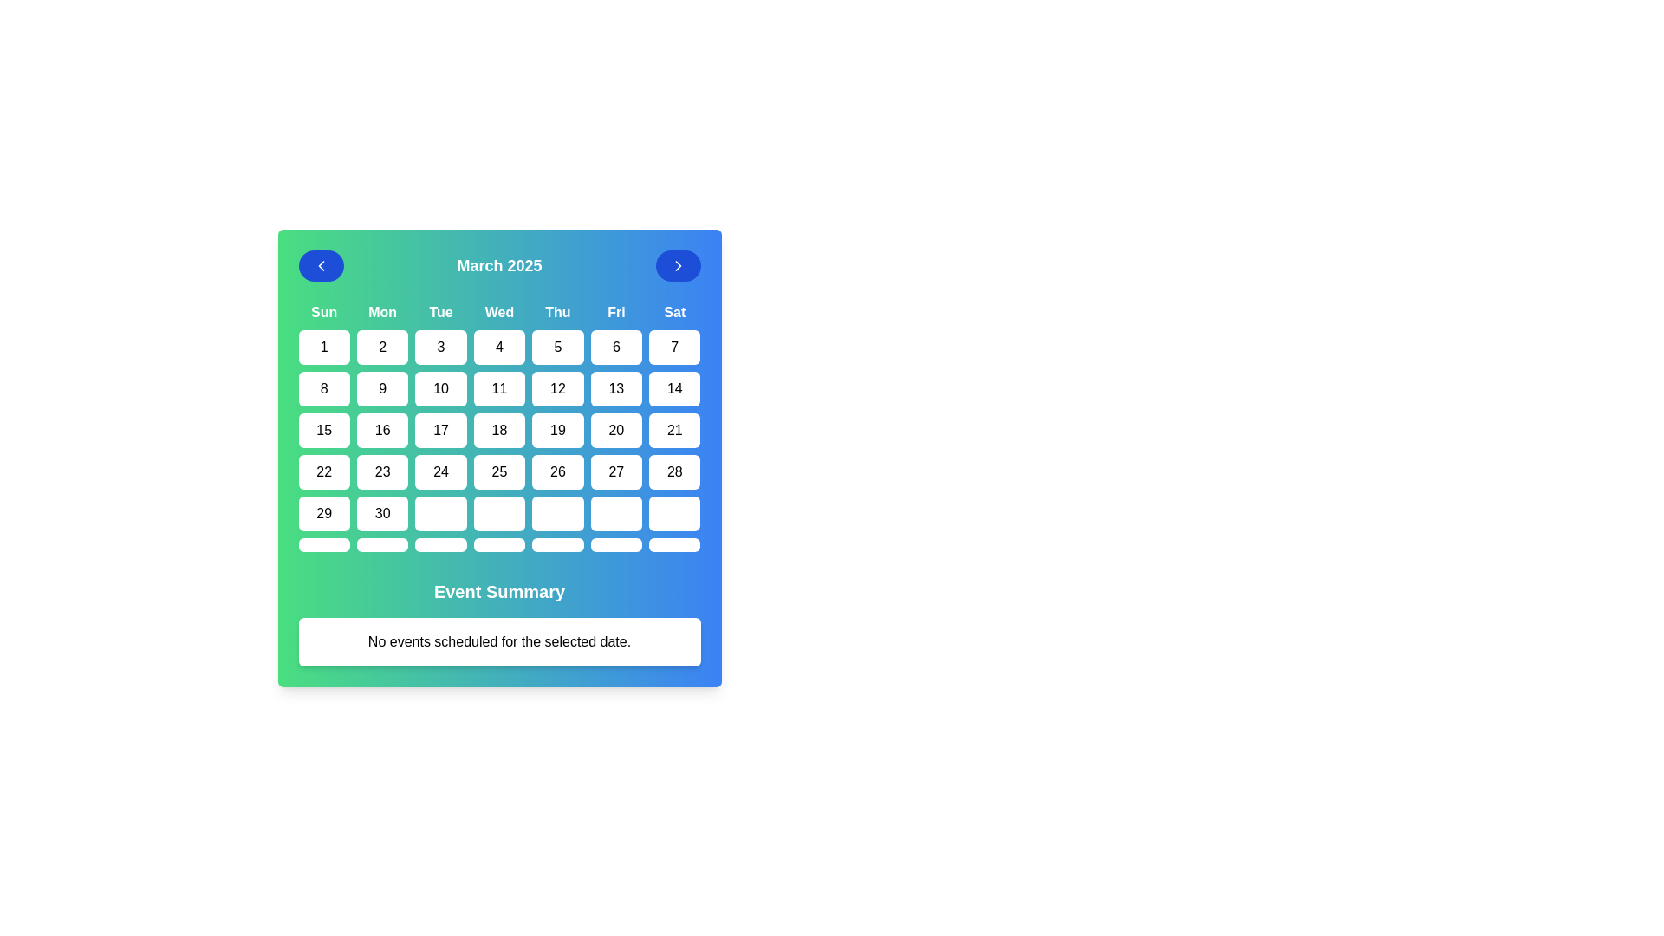 The width and height of the screenshot is (1664, 936). I want to click on the text label that indicates no events are scheduled for the currently selected date in the calendar, located at the bottom of the interface beneath the calendar grid, so click(498, 641).